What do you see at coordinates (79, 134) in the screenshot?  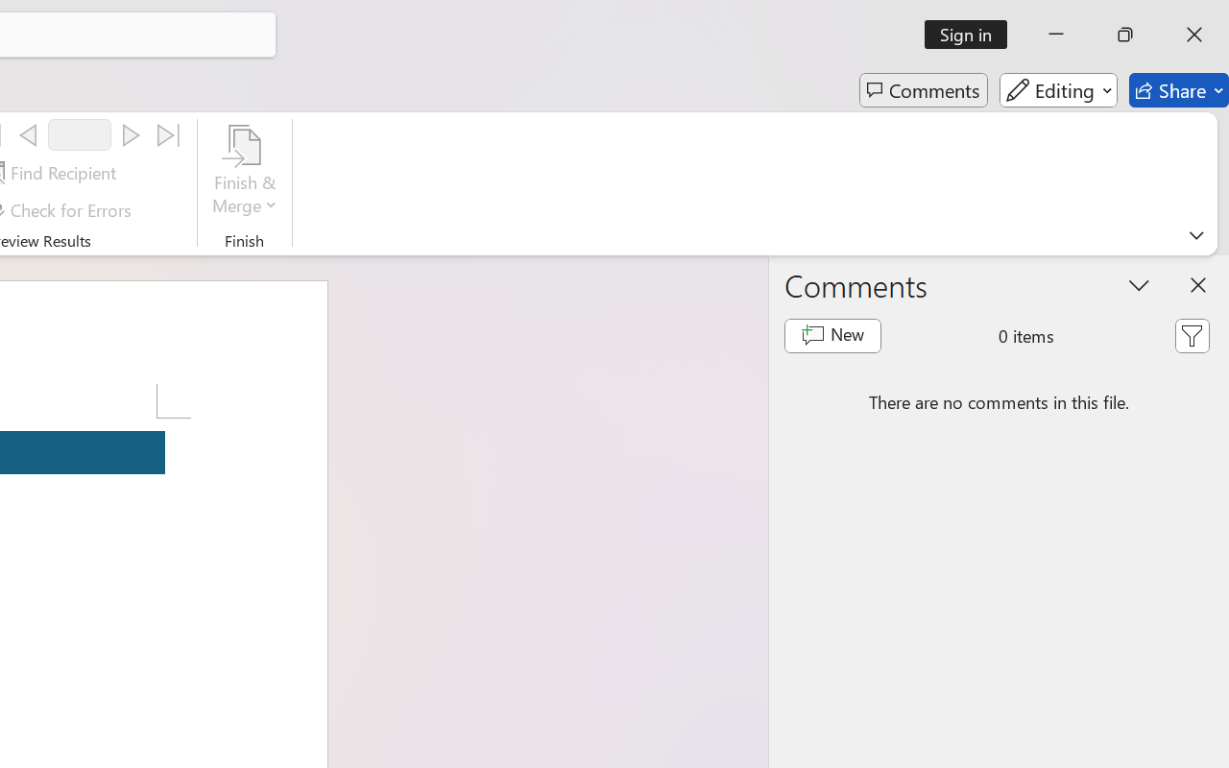 I see `'Record'` at bounding box center [79, 134].